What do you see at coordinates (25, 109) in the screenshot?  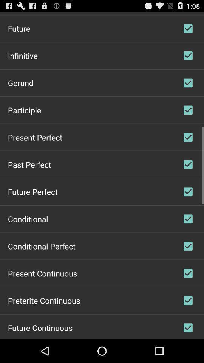 I see `app below gerund icon` at bounding box center [25, 109].